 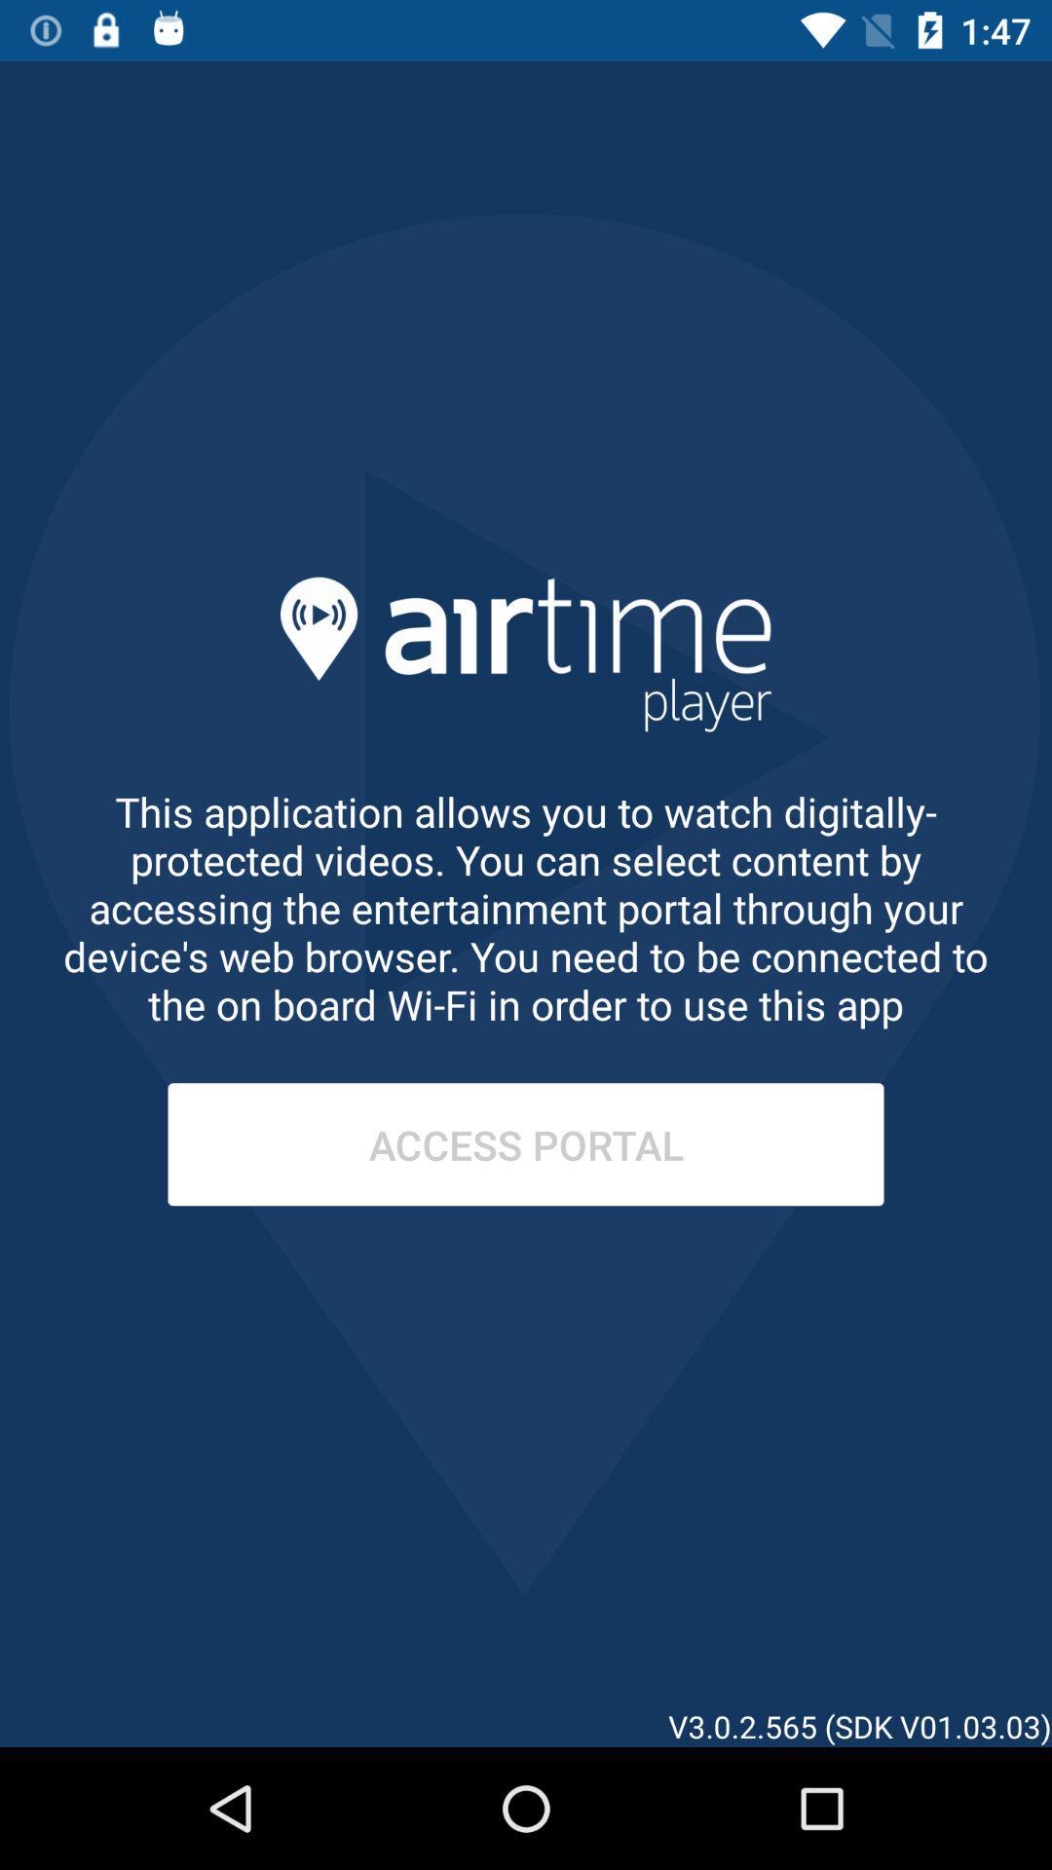 I want to click on the access portal item, so click(x=526, y=1144).